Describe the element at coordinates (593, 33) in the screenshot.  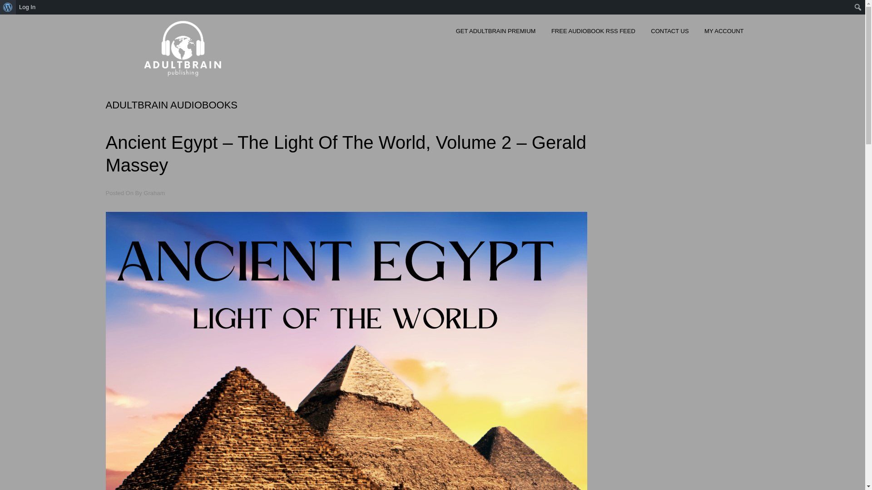
I see `'FREE AUDIOBOOK RSS FEED'` at that location.